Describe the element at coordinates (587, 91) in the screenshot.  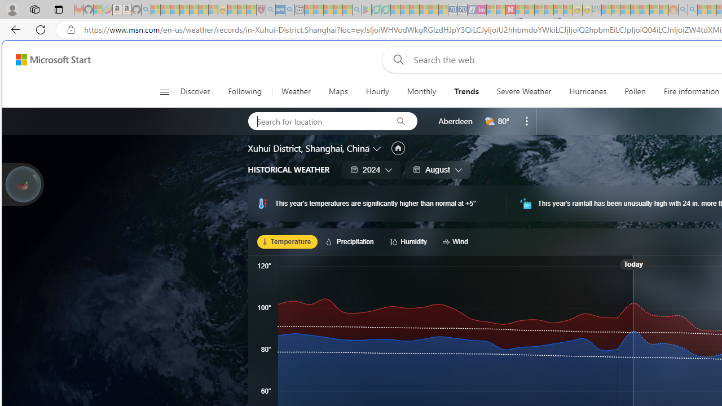
I see `'Hurricanes'` at that location.